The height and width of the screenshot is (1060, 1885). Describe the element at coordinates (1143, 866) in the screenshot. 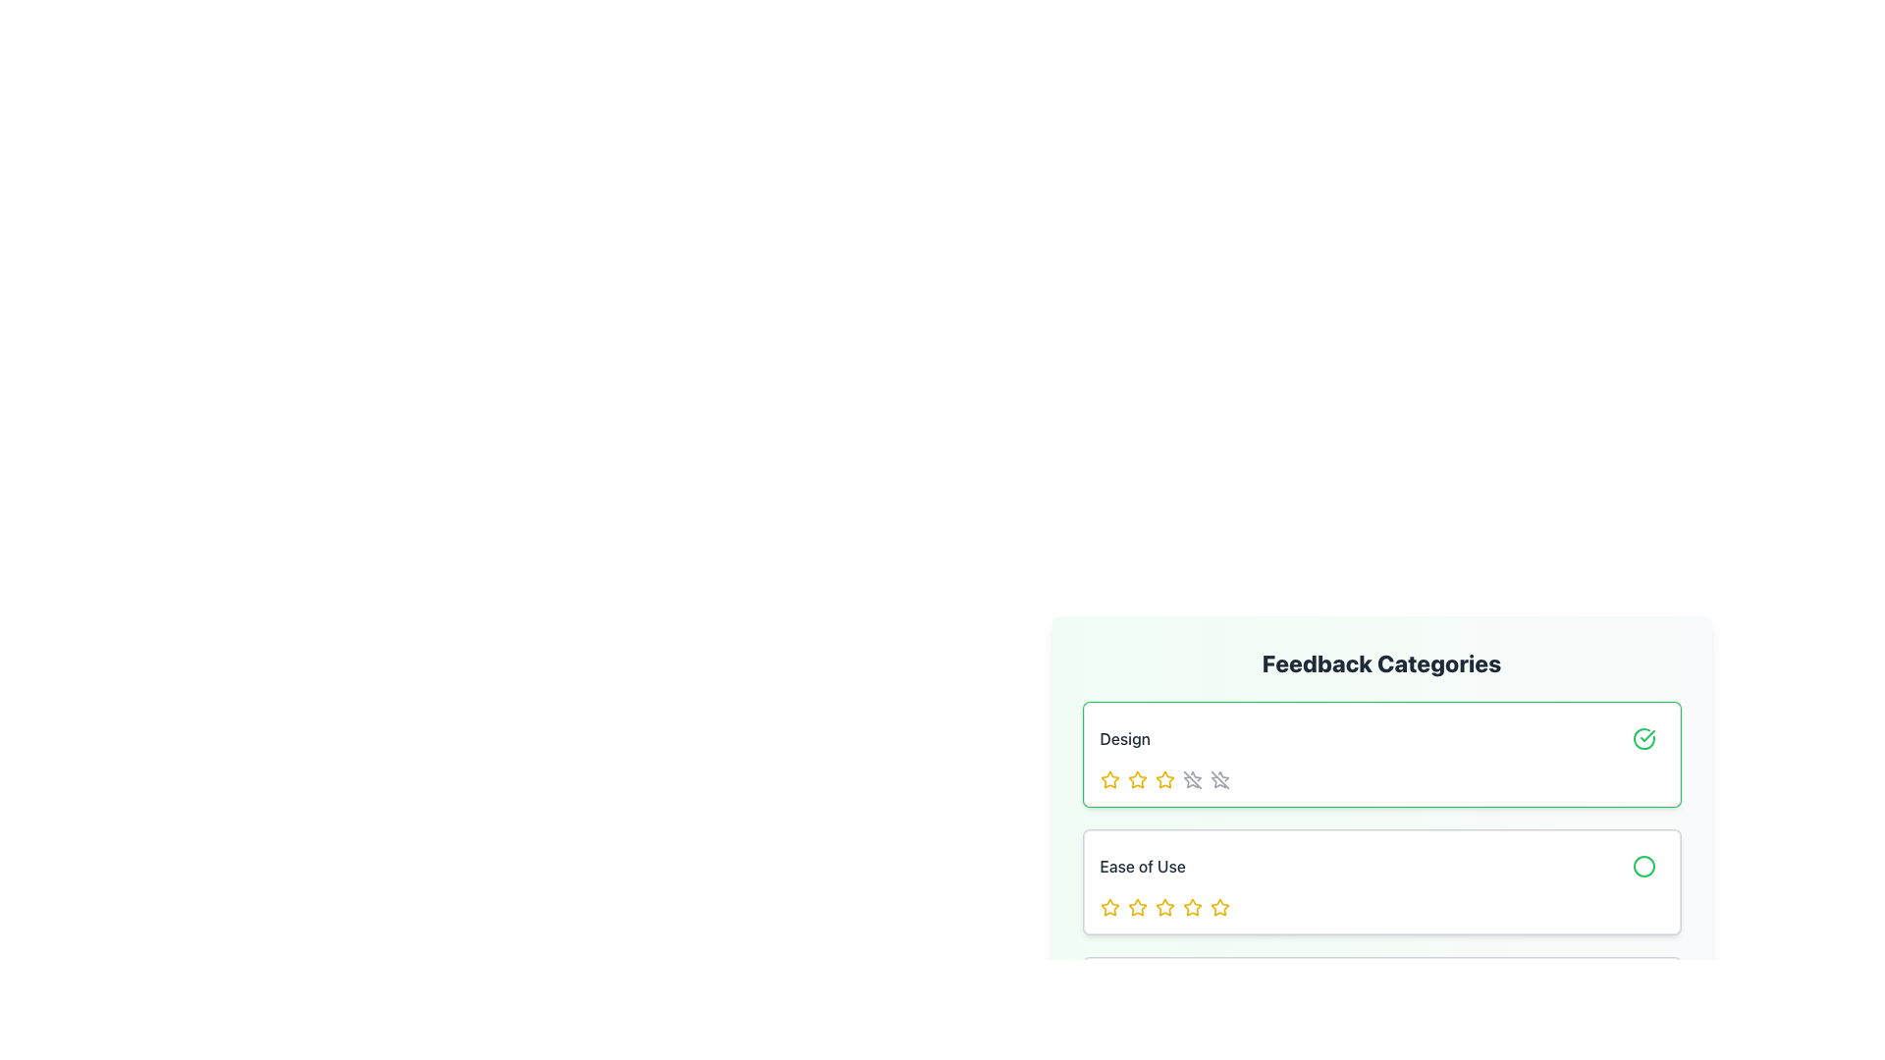

I see `the text label reading 'Ease of Use', which is styled in a medium-sized sans-serif font and located on the left side of the feedback category section, directly above a set of rating stars` at that location.